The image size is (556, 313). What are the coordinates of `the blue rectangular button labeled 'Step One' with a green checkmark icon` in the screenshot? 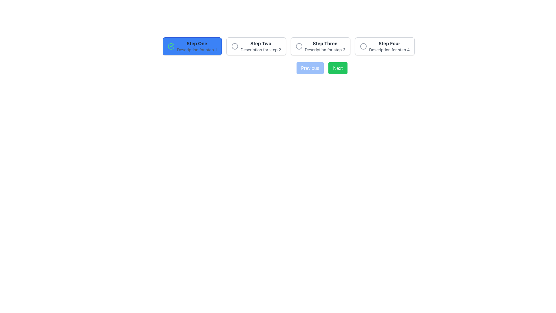 It's located at (192, 46).